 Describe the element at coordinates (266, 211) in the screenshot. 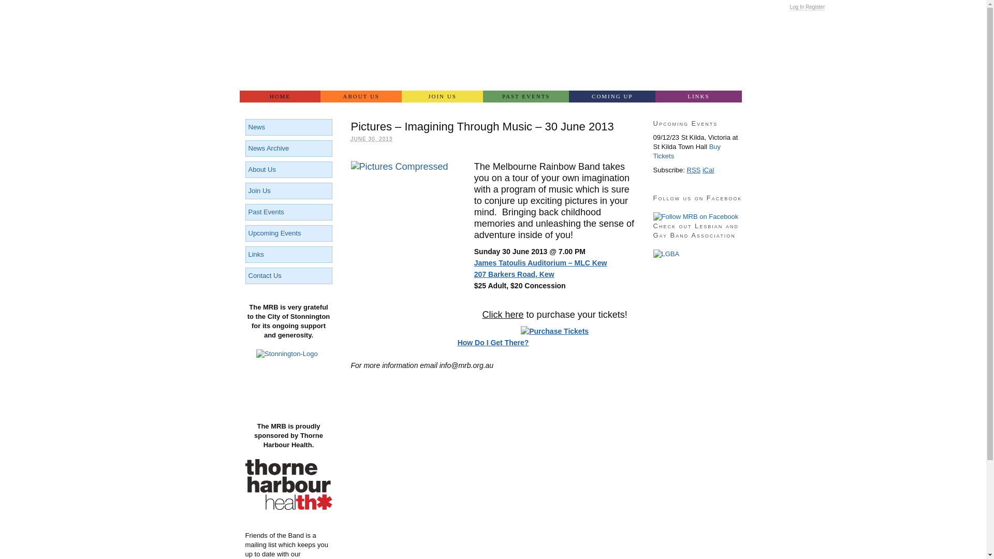

I see `'Past Events'` at that location.